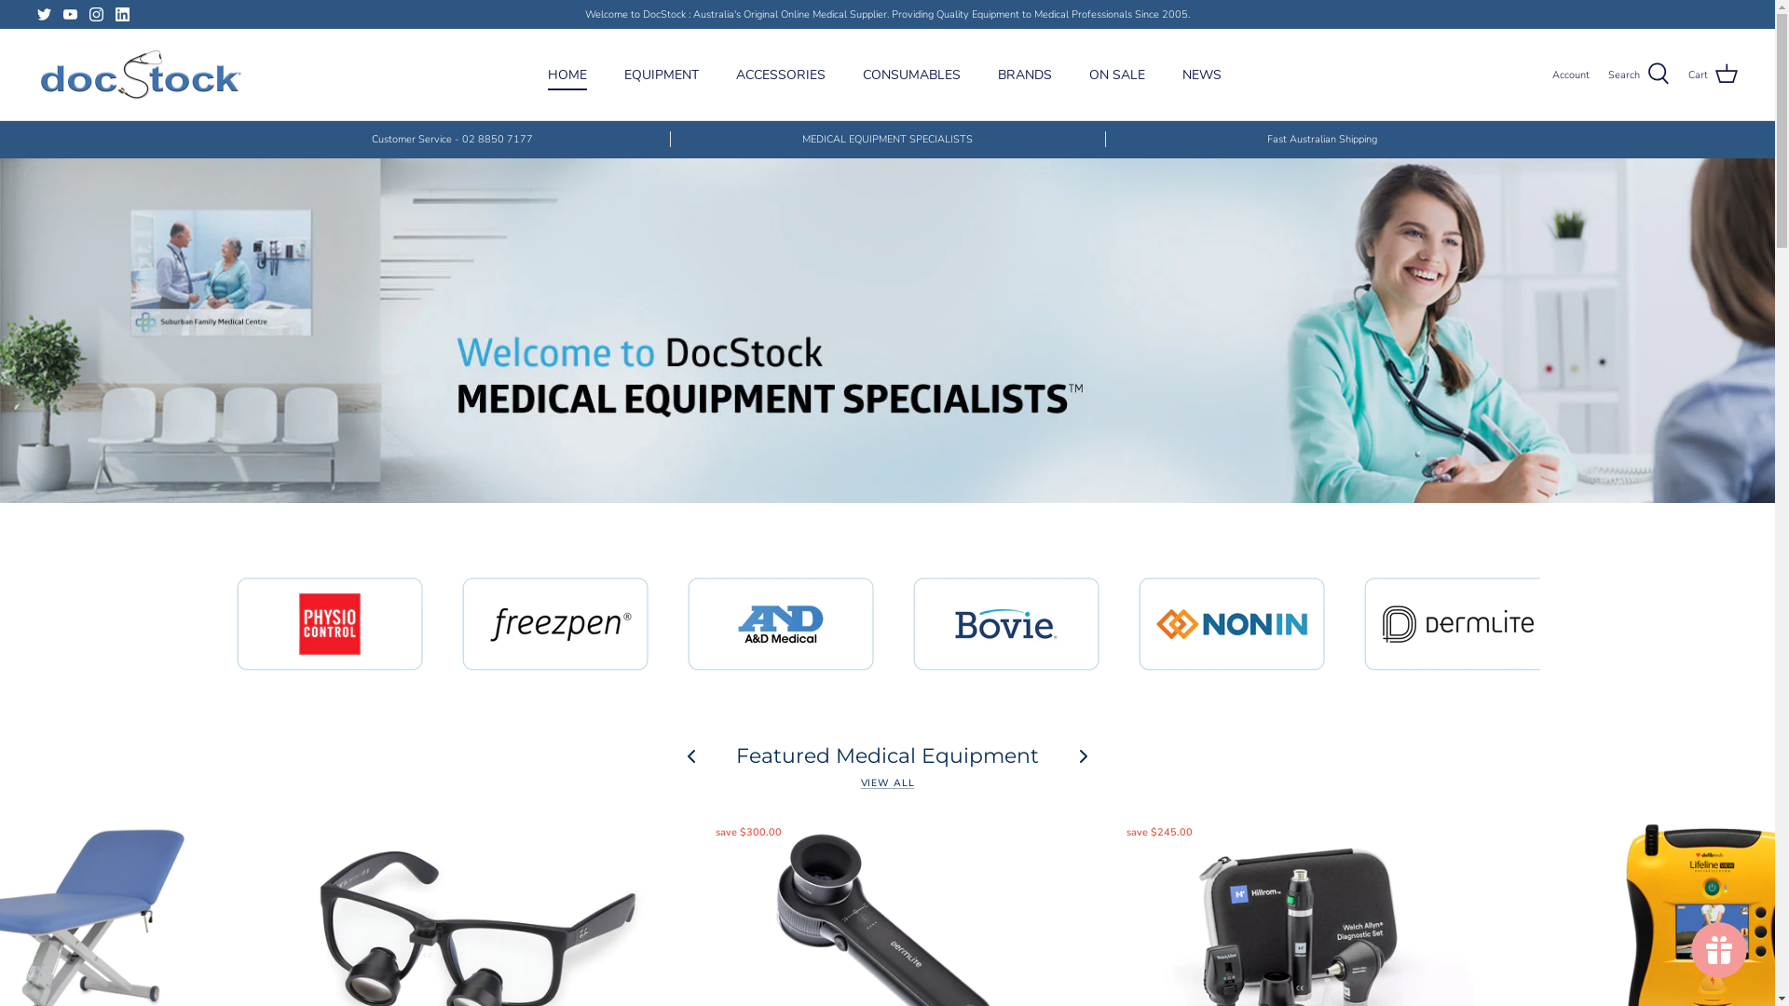  Describe the element at coordinates (1717, 949) in the screenshot. I see `'Smile.io Rewards Program Launcher'` at that location.